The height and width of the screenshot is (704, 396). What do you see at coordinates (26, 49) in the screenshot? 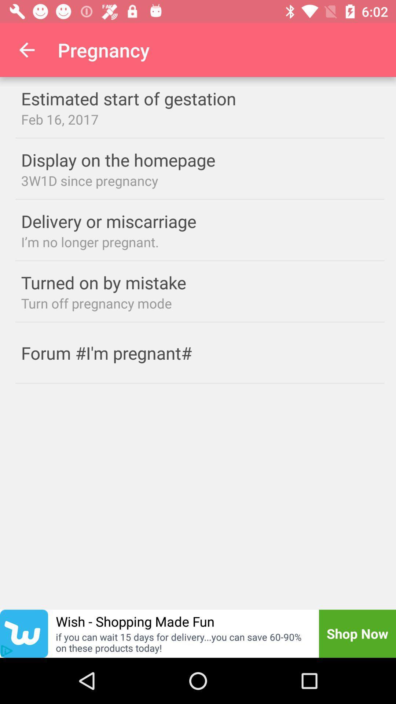
I see `app to the left of the pregnancy app` at bounding box center [26, 49].